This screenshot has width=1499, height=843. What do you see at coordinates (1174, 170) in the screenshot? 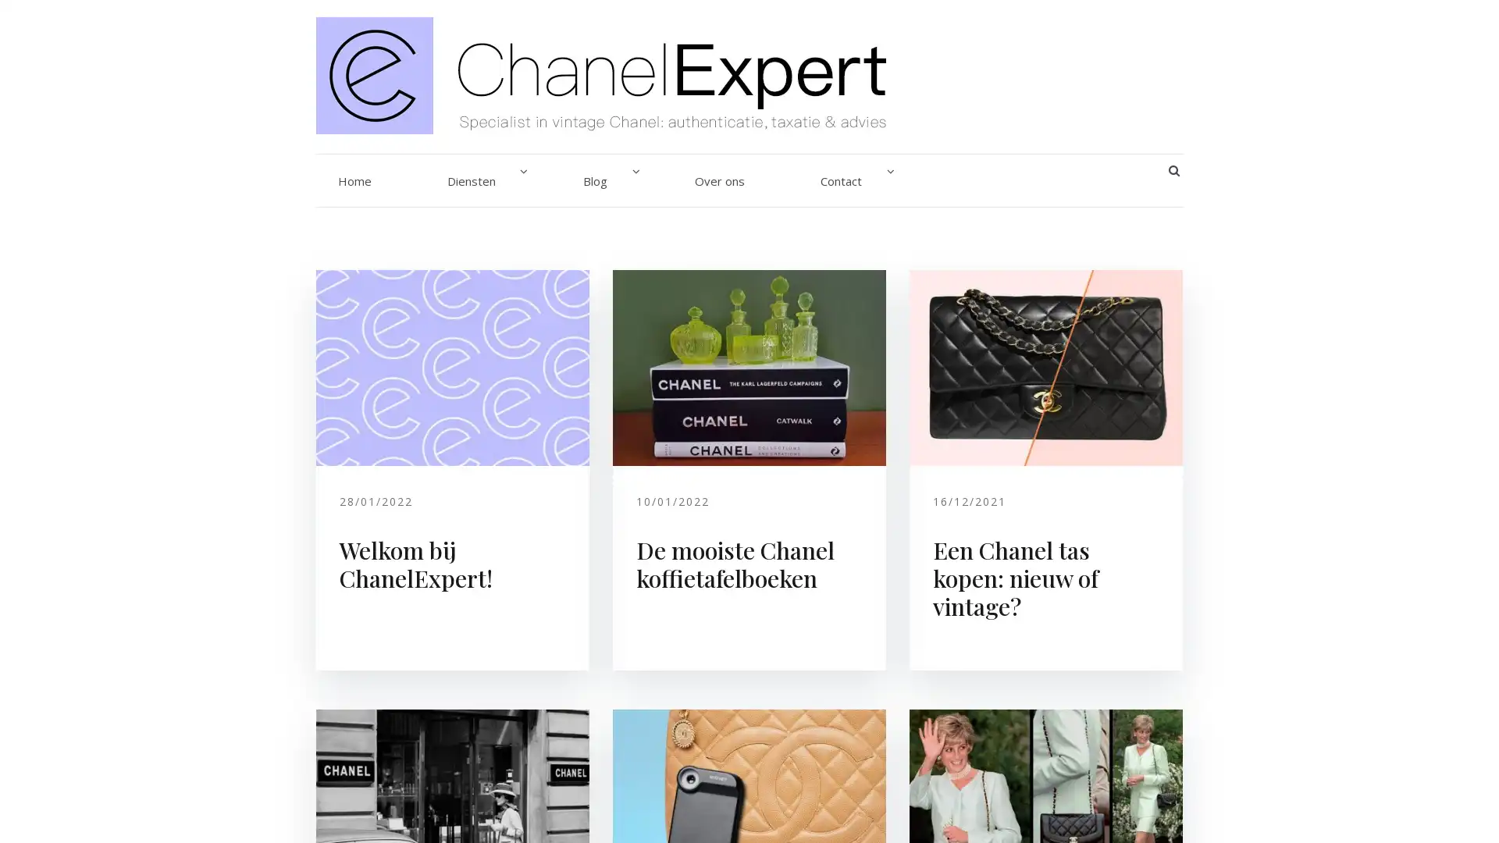
I see `SEARCH BUTTON` at bounding box center [1174, 170].